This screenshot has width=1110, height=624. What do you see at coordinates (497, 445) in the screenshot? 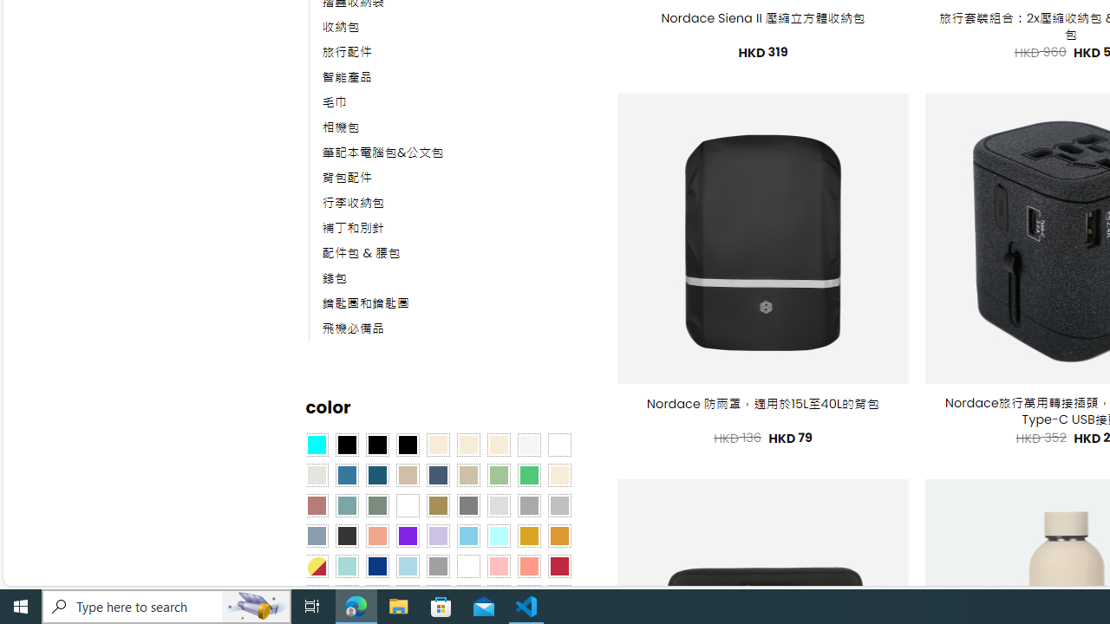
I see `'Cream'` at bounding box center [497, 445].